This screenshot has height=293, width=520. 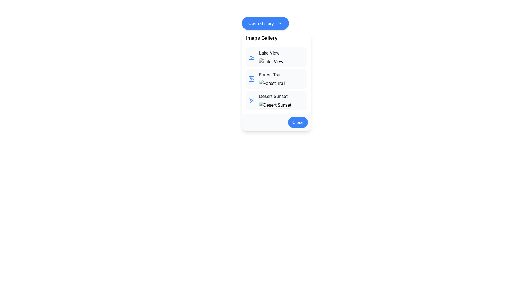 What do you see at coordinates (276, 38) in the screenshot?
I see `the text label that reads 'Image Gallery', which is styled with a bold and semi-large font at the top of the dropdown-like menu box` at bounding box center [276, 38].